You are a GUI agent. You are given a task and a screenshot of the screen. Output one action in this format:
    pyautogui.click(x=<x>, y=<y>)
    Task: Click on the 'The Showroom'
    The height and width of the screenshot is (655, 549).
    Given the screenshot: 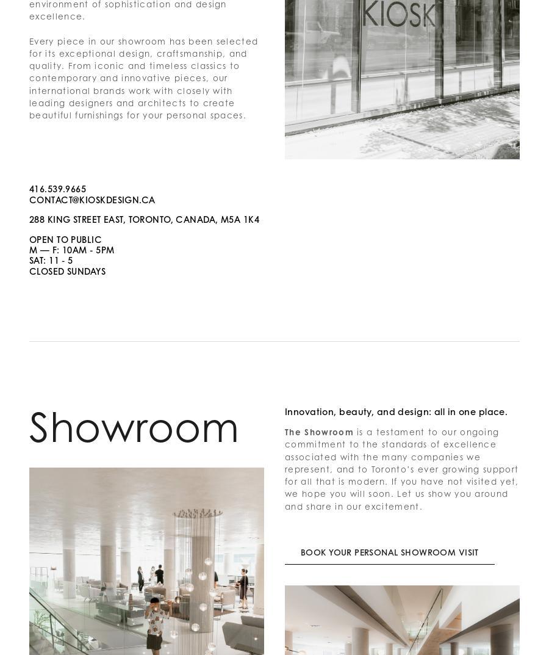 What is the action you would take?
    pyautogui.click(x=318, y=432)
    